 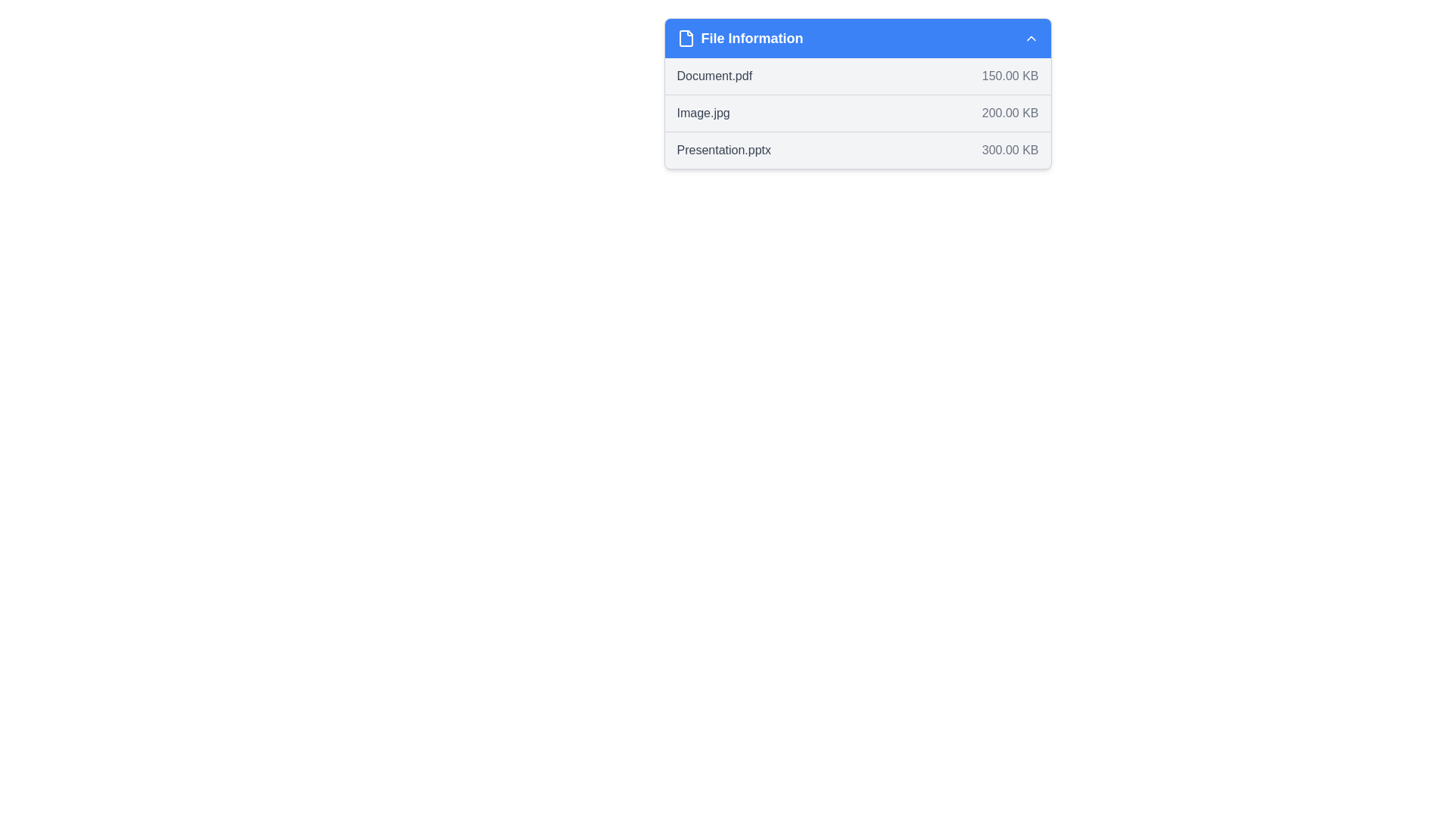 What do you see at coordinates (751, 37) in the screenshot?
I see `the 'File Information' heading text, which is a bold title displayed on a blue background at the top of the file information section` at bounding box center [751, 37].